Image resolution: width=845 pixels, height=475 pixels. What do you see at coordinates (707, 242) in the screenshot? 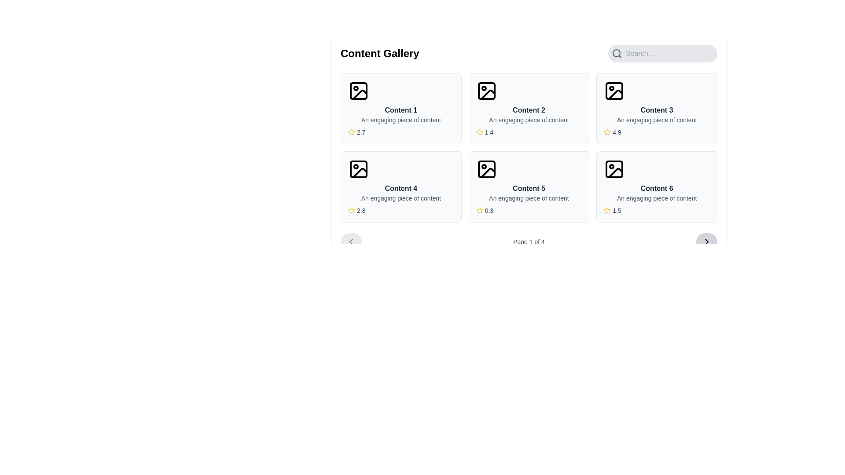
I see `the right-facing chevron icon within the circular button` at bounding box center [707, 242].